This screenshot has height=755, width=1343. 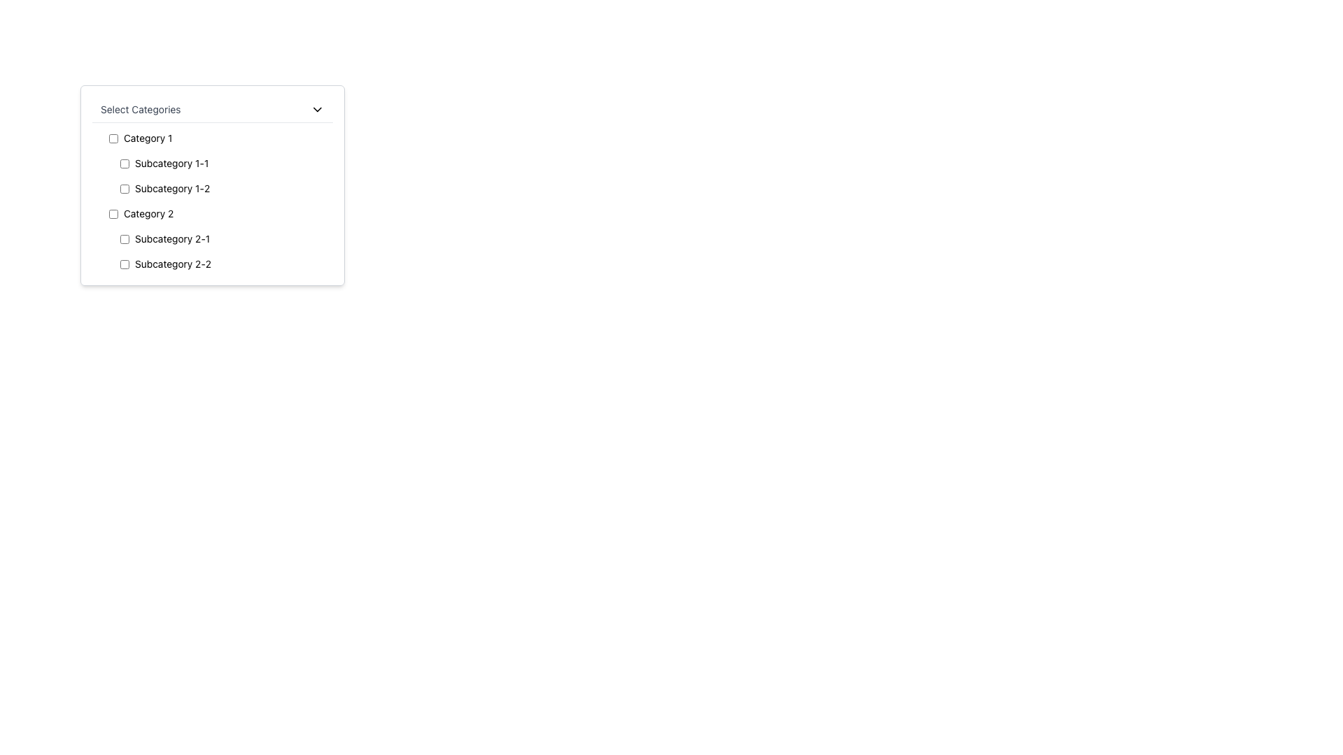 What do you see at coordinates (113, 213) in the screenshot?
I see `the checkbox` at bounding box center [113, 213].